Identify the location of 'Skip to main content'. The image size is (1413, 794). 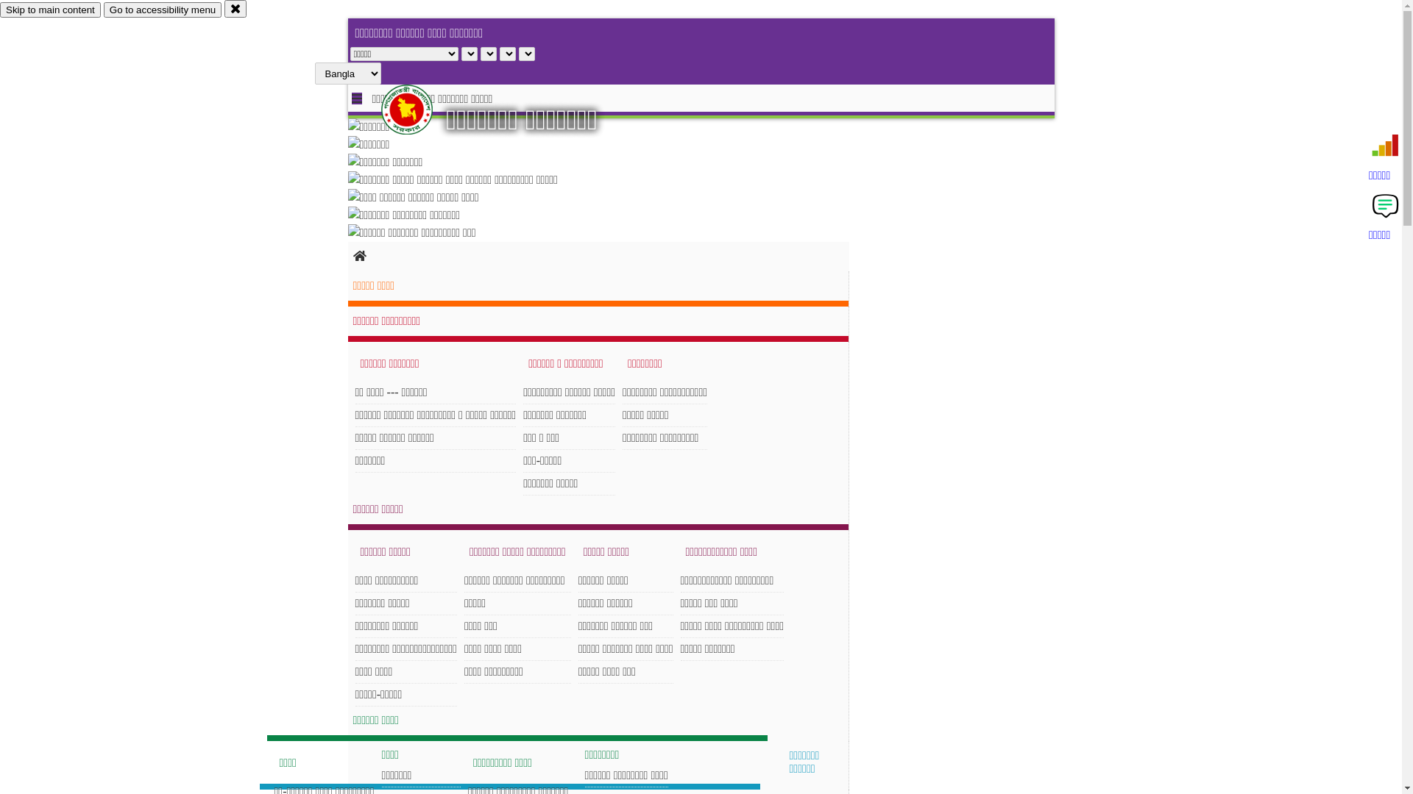
(0, 10).